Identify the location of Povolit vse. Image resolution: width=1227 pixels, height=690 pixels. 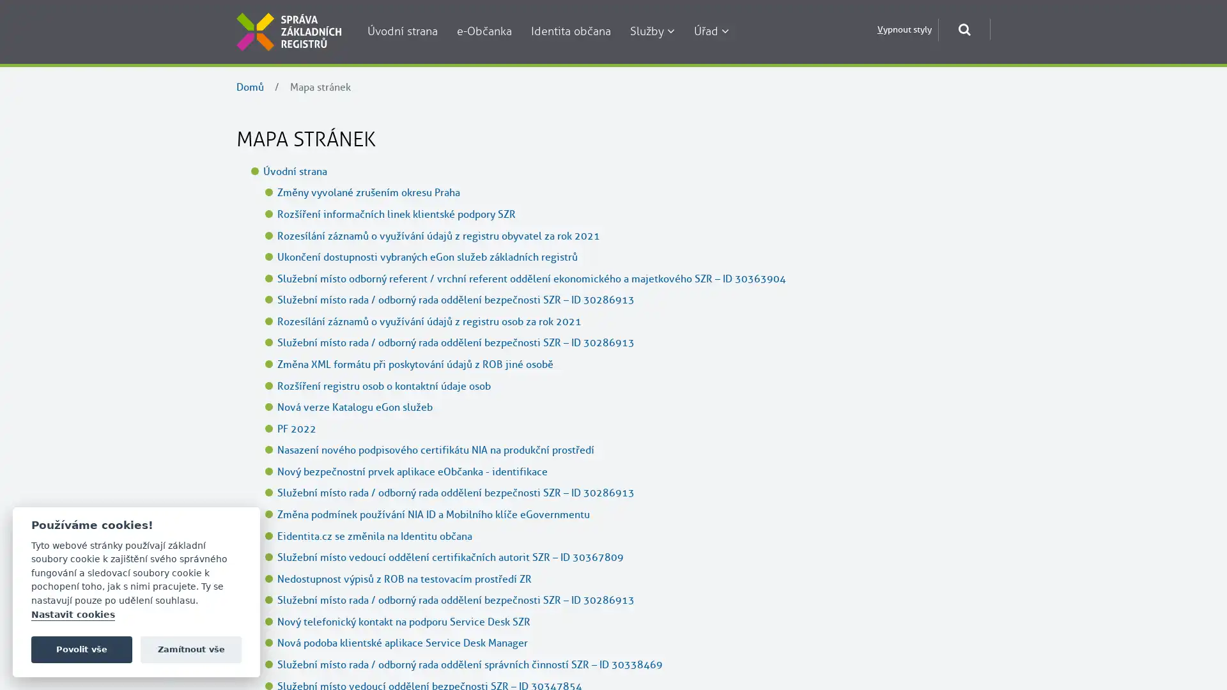
(81, 648).